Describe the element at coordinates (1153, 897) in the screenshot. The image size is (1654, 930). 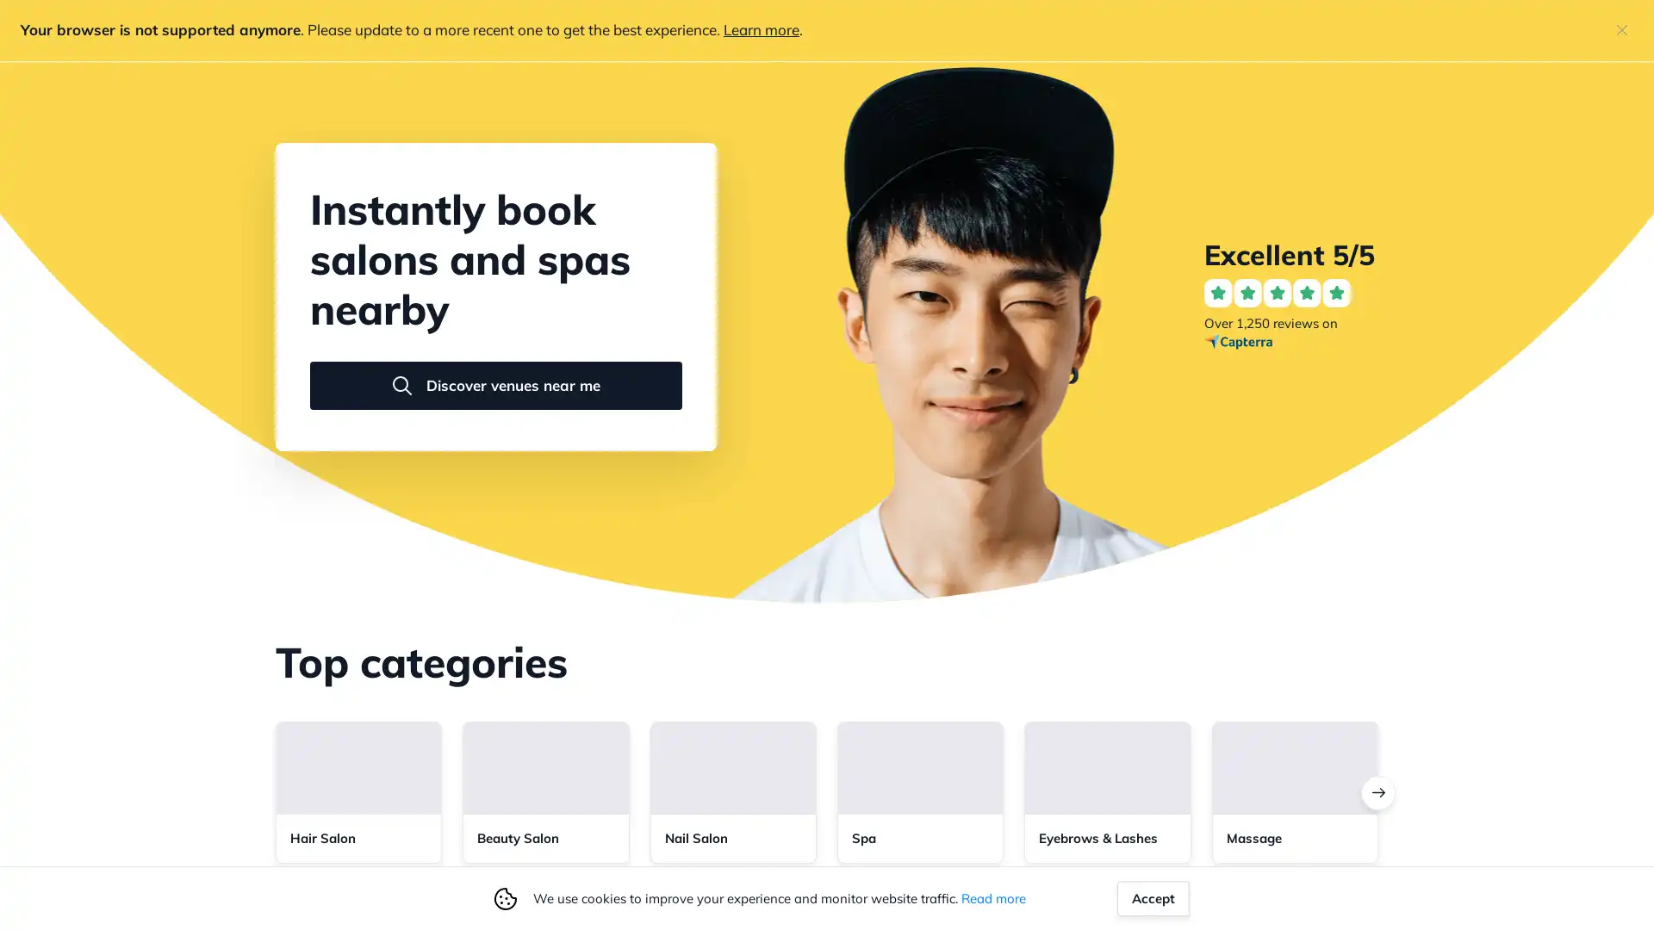
I see `Accept` at that location.